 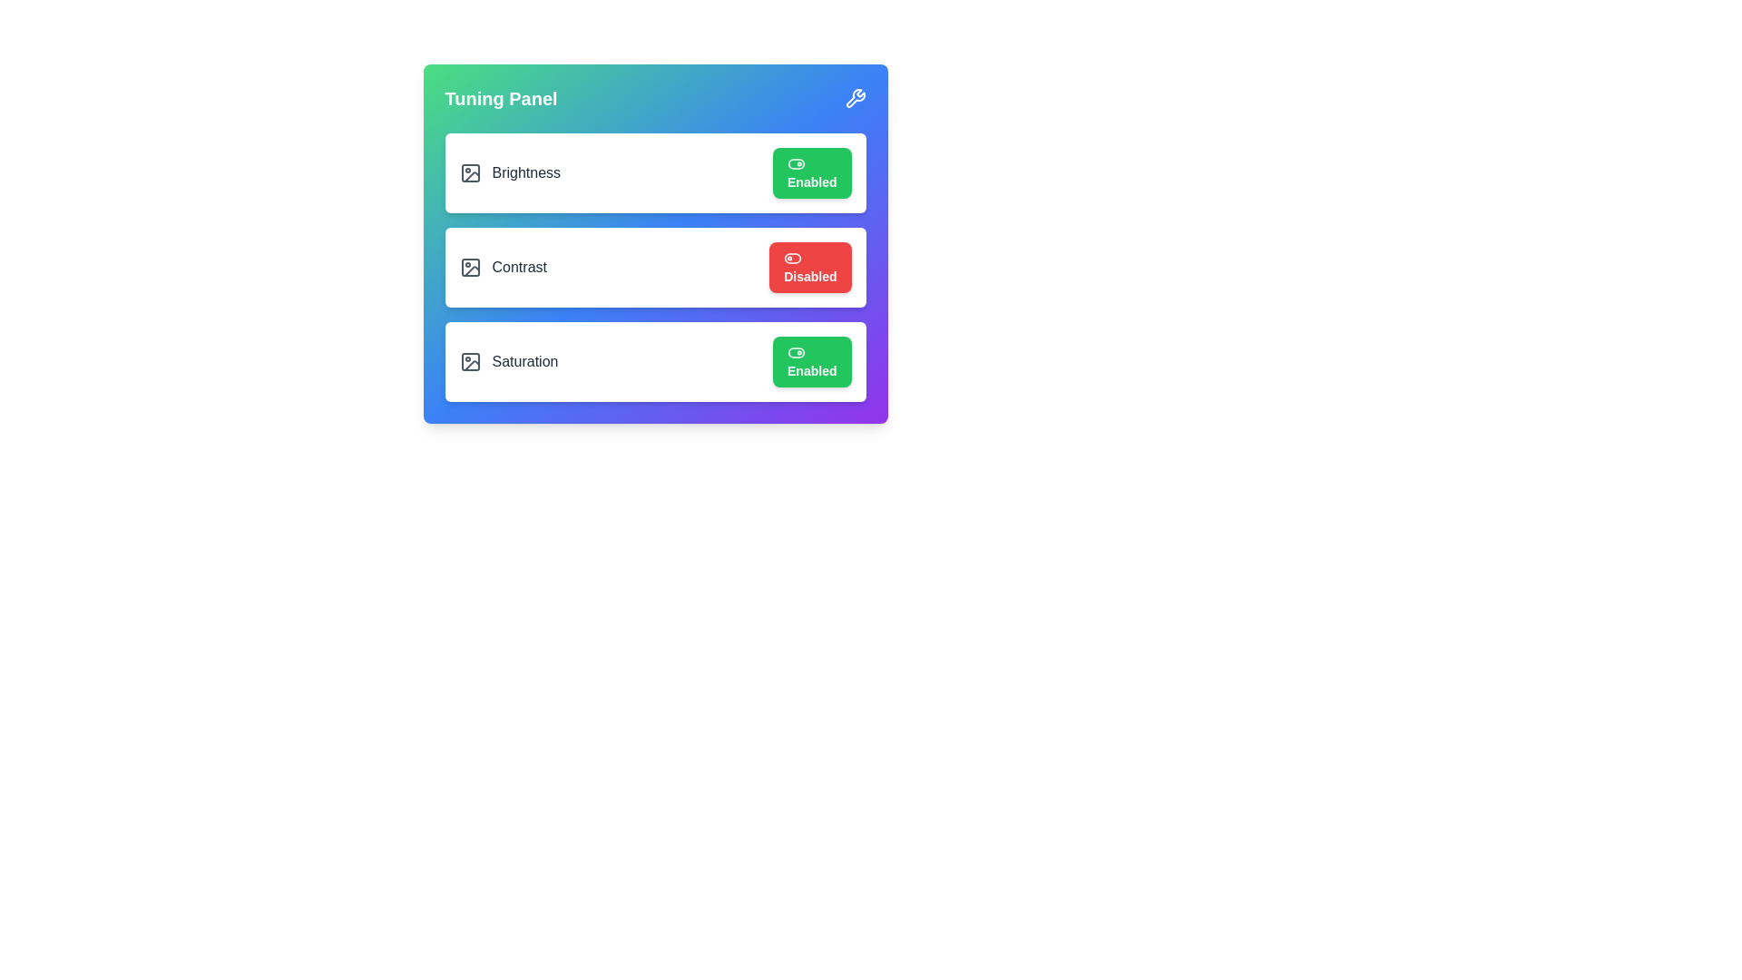 What do you see at coordinates (470, 173) in the screenshot?
I see `the image icon for Brightness to interact with it` at bounding box center [470, 173].